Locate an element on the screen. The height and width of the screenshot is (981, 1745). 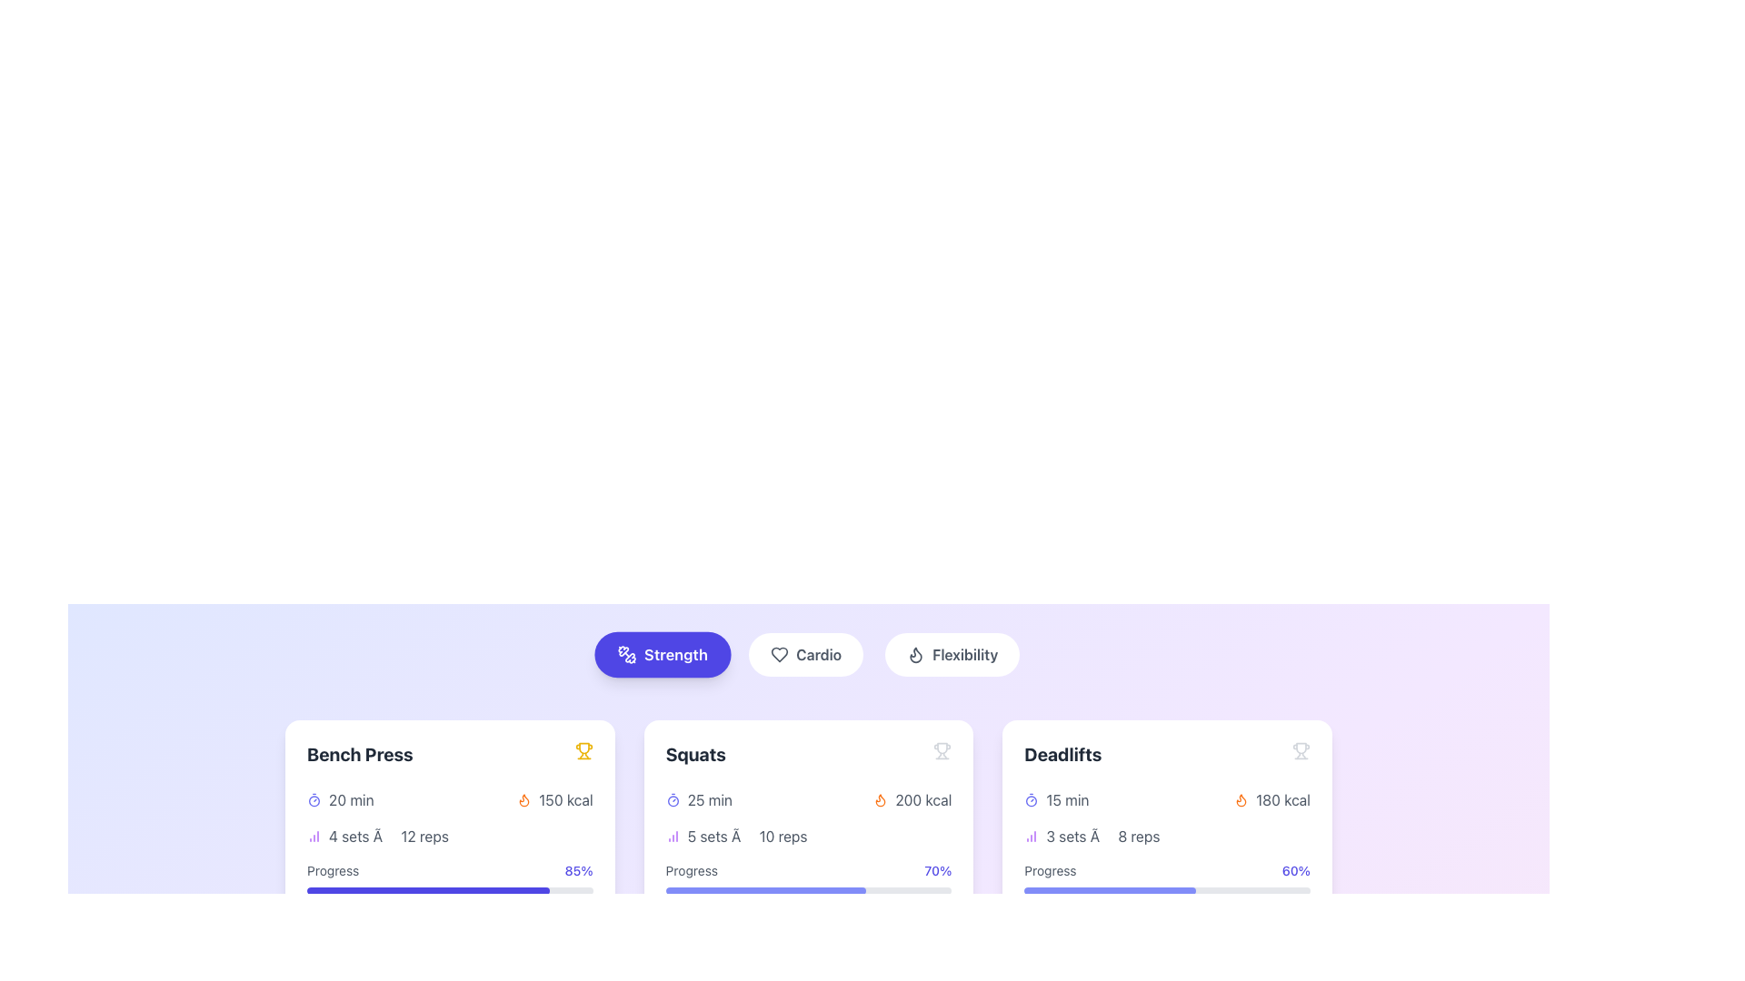
displayed duration information on the text element located within the 'Deadlifts' card in the third column, positioned to the right of the timer icon is located at coordinates (1067, 798).